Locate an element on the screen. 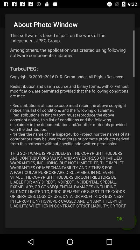 This screenshot has height=250, width=140. item below copyright 2009 2016 is located at coordinates (120, 218).